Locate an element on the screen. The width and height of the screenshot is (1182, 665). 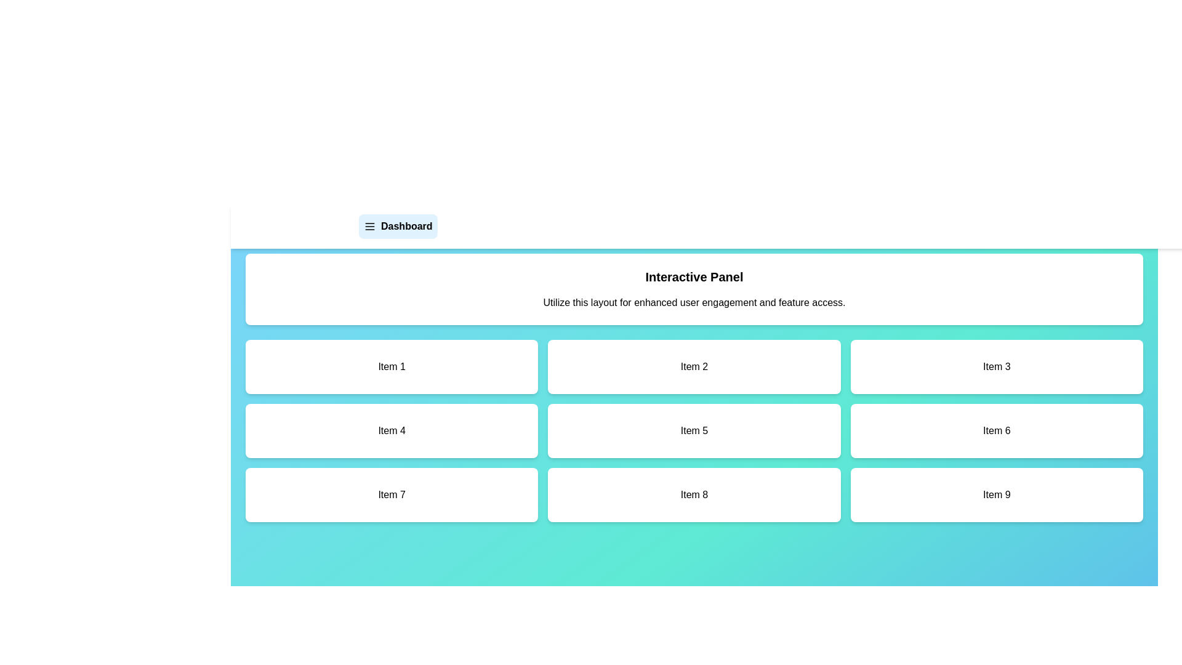
the 'Interactive Panel' header to interact with it is located at coordinates (694, 277).